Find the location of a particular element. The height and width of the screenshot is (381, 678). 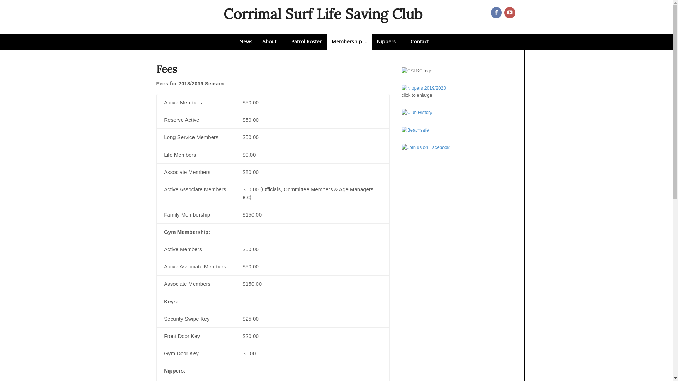

'About' is located at coordinates (257, 42).